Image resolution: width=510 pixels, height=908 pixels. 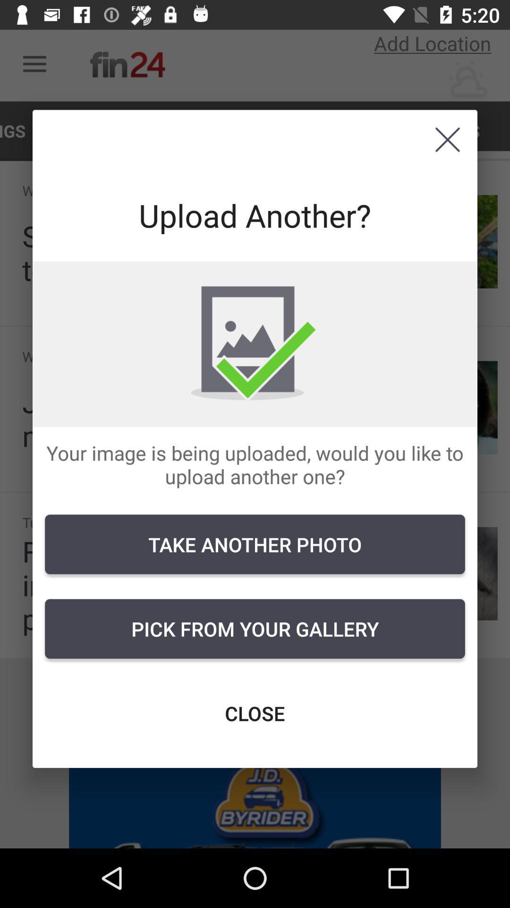 What do you see at coordinates (447, 139) in the screenshot?
I see `pop up` at bounding box center [447, 139].